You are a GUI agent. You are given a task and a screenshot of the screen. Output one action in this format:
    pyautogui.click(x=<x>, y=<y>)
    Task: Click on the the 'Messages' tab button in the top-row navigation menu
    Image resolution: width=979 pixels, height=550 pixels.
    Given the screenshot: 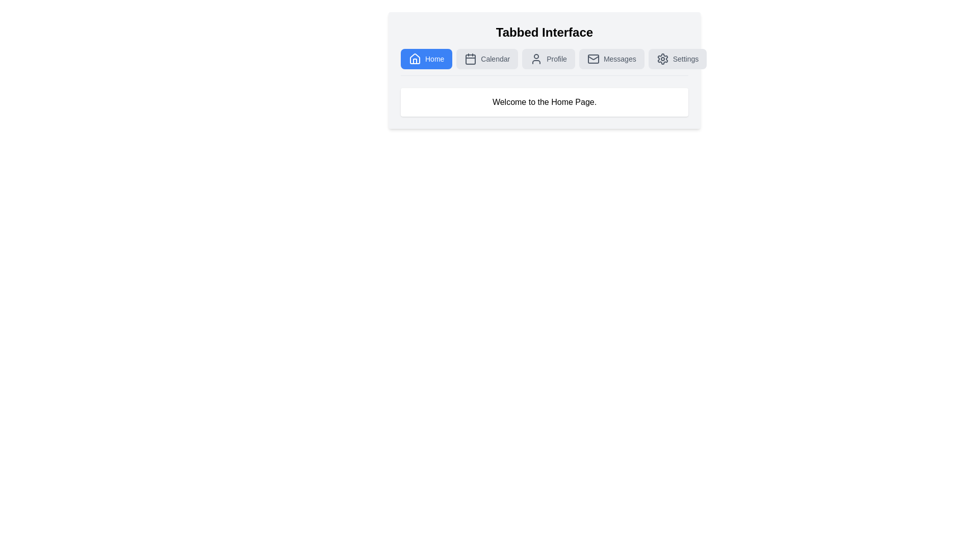 What is the action you would take?
    pyautogui.click(x=611, y=59)
    